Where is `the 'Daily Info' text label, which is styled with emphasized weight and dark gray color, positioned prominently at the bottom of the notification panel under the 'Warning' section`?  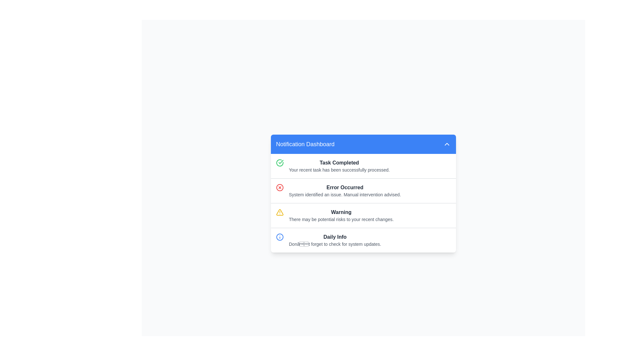
the 'Daily Info' text label, which is styled with emphasized weight and dark gray color, positioned prominently at the bottom of the notification panel under the 'Warning' section is located at coordinates (335, 237).